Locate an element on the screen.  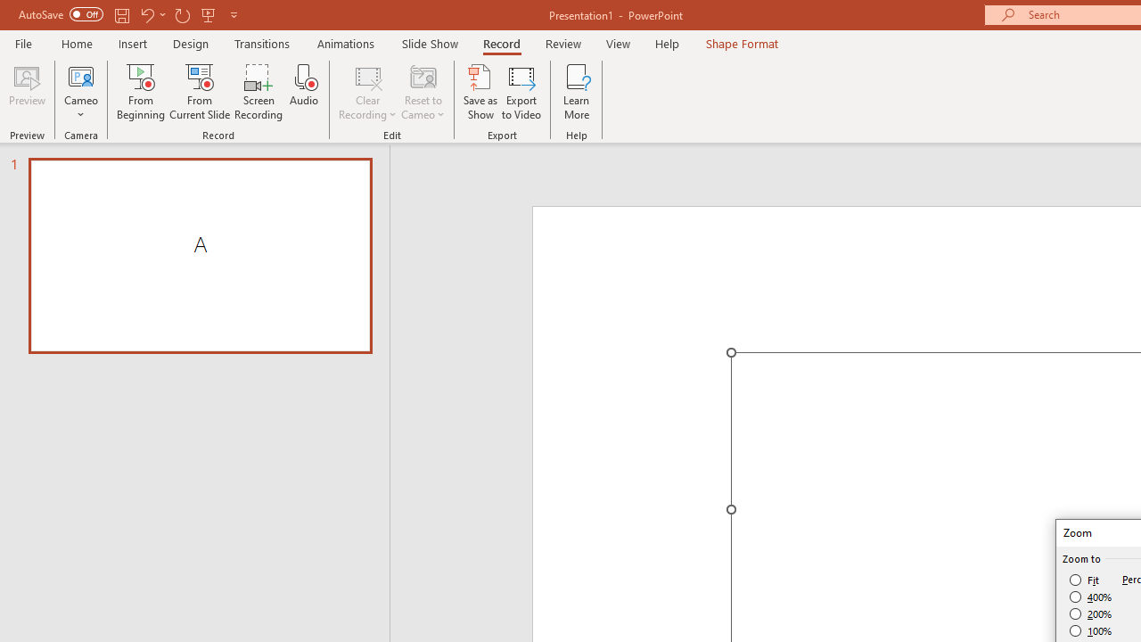
'Reset to Cameo' is located at coordinates (422, 92).